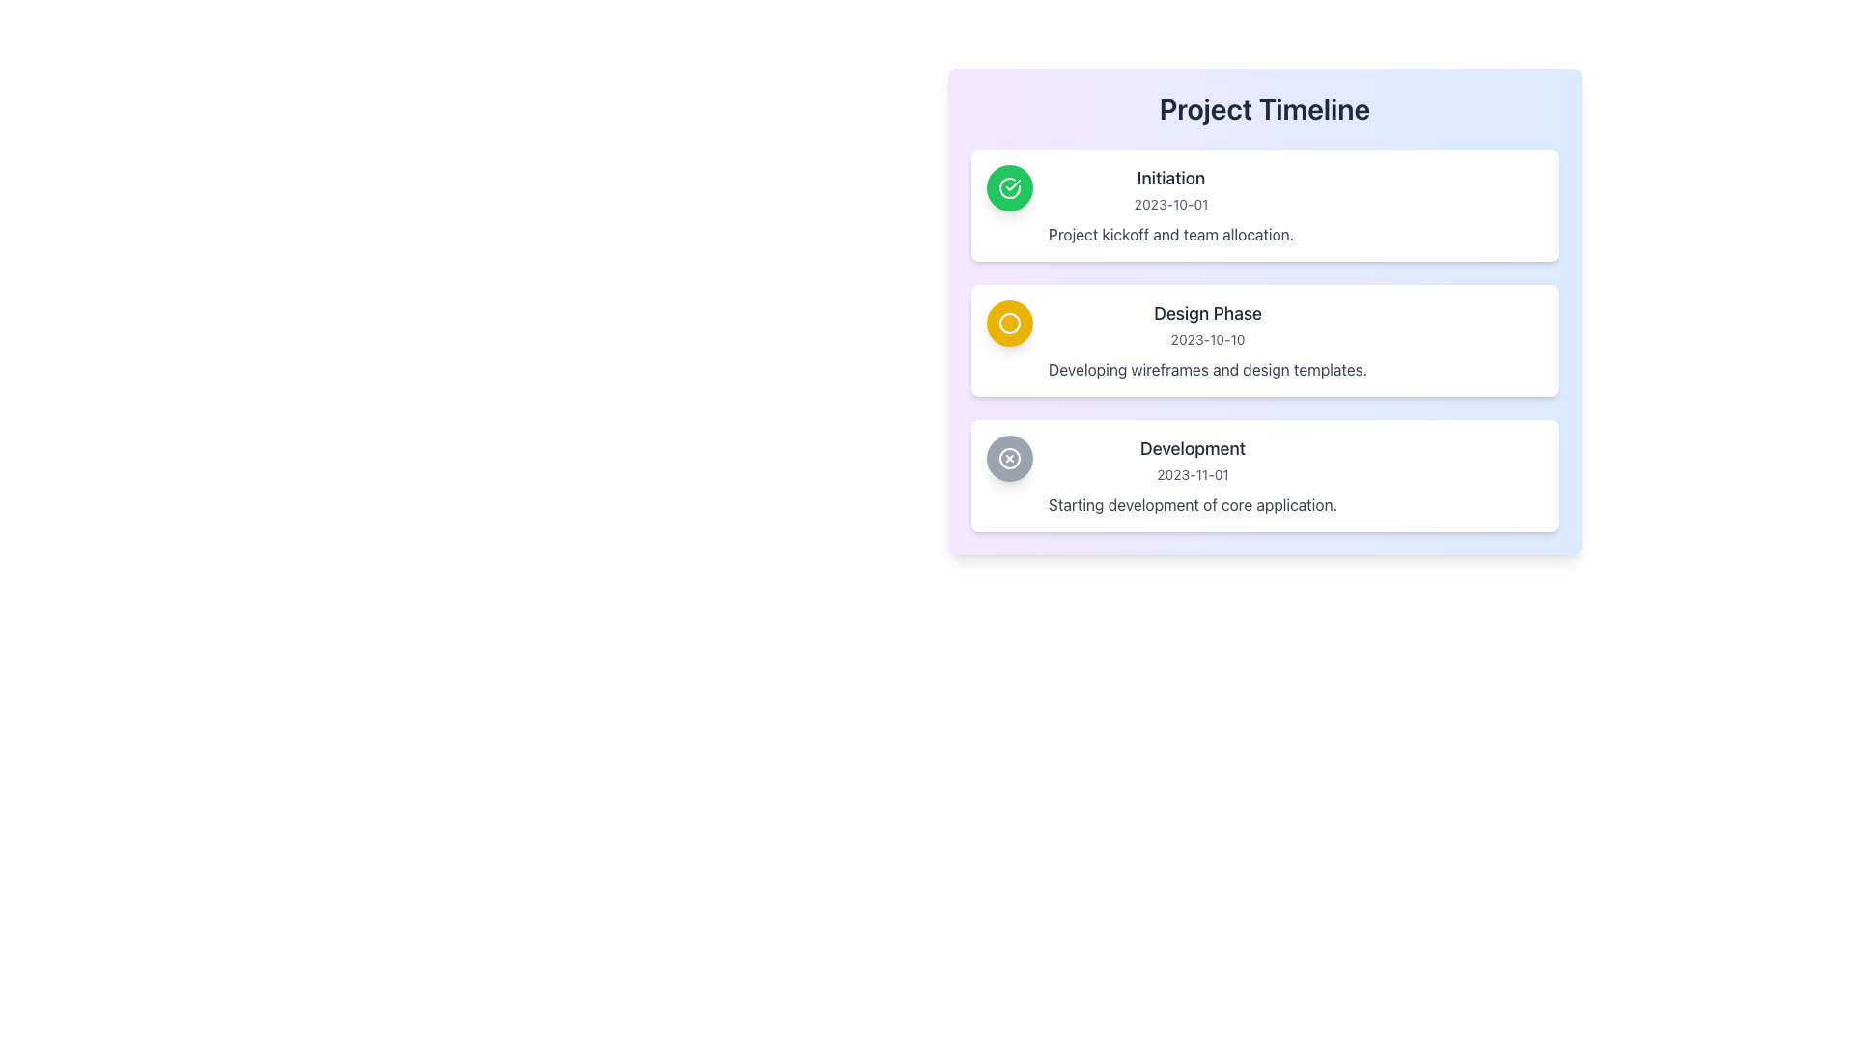  Describe the element at coordinates (1207, 369) in the screenshot. I see `static text label that provides descriptive information for the section header titled 'Design Phase', which reads 'Developing wireframes and design templates.'` at that location.